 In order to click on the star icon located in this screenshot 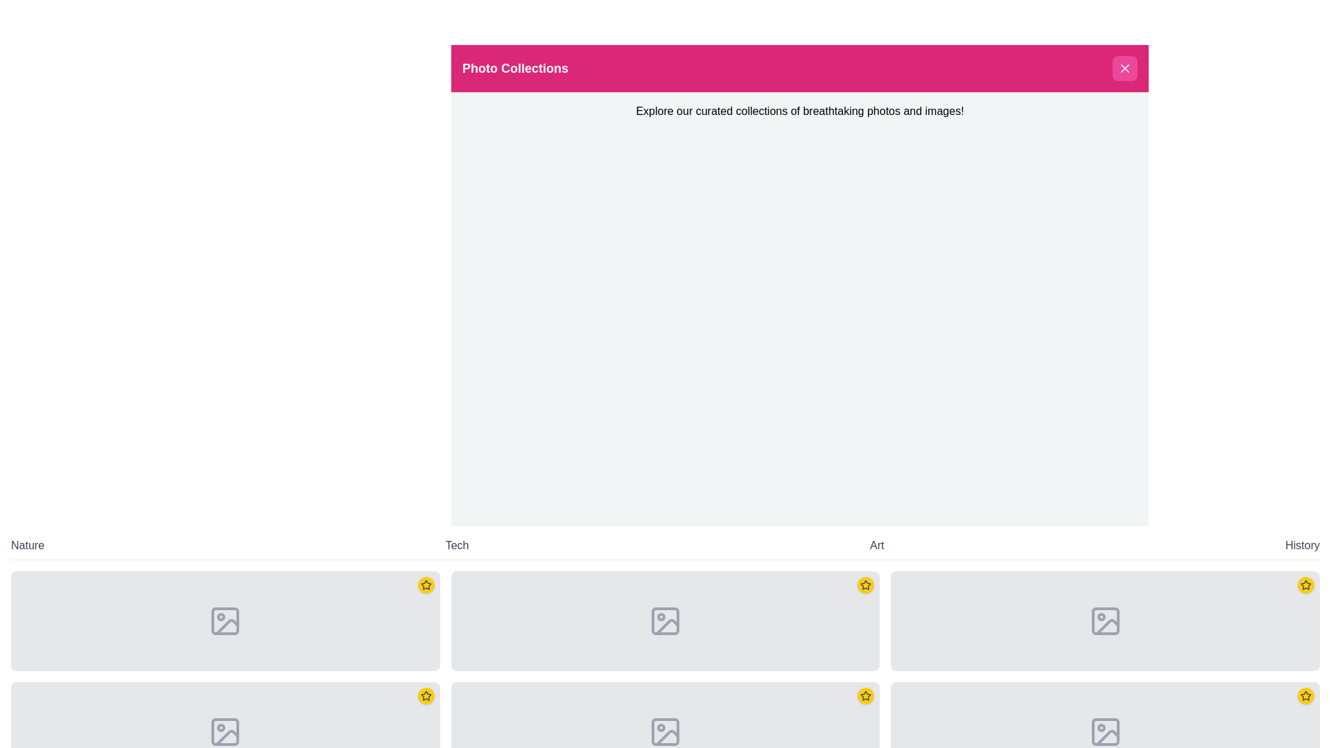, I will do `click(425, 585)`.